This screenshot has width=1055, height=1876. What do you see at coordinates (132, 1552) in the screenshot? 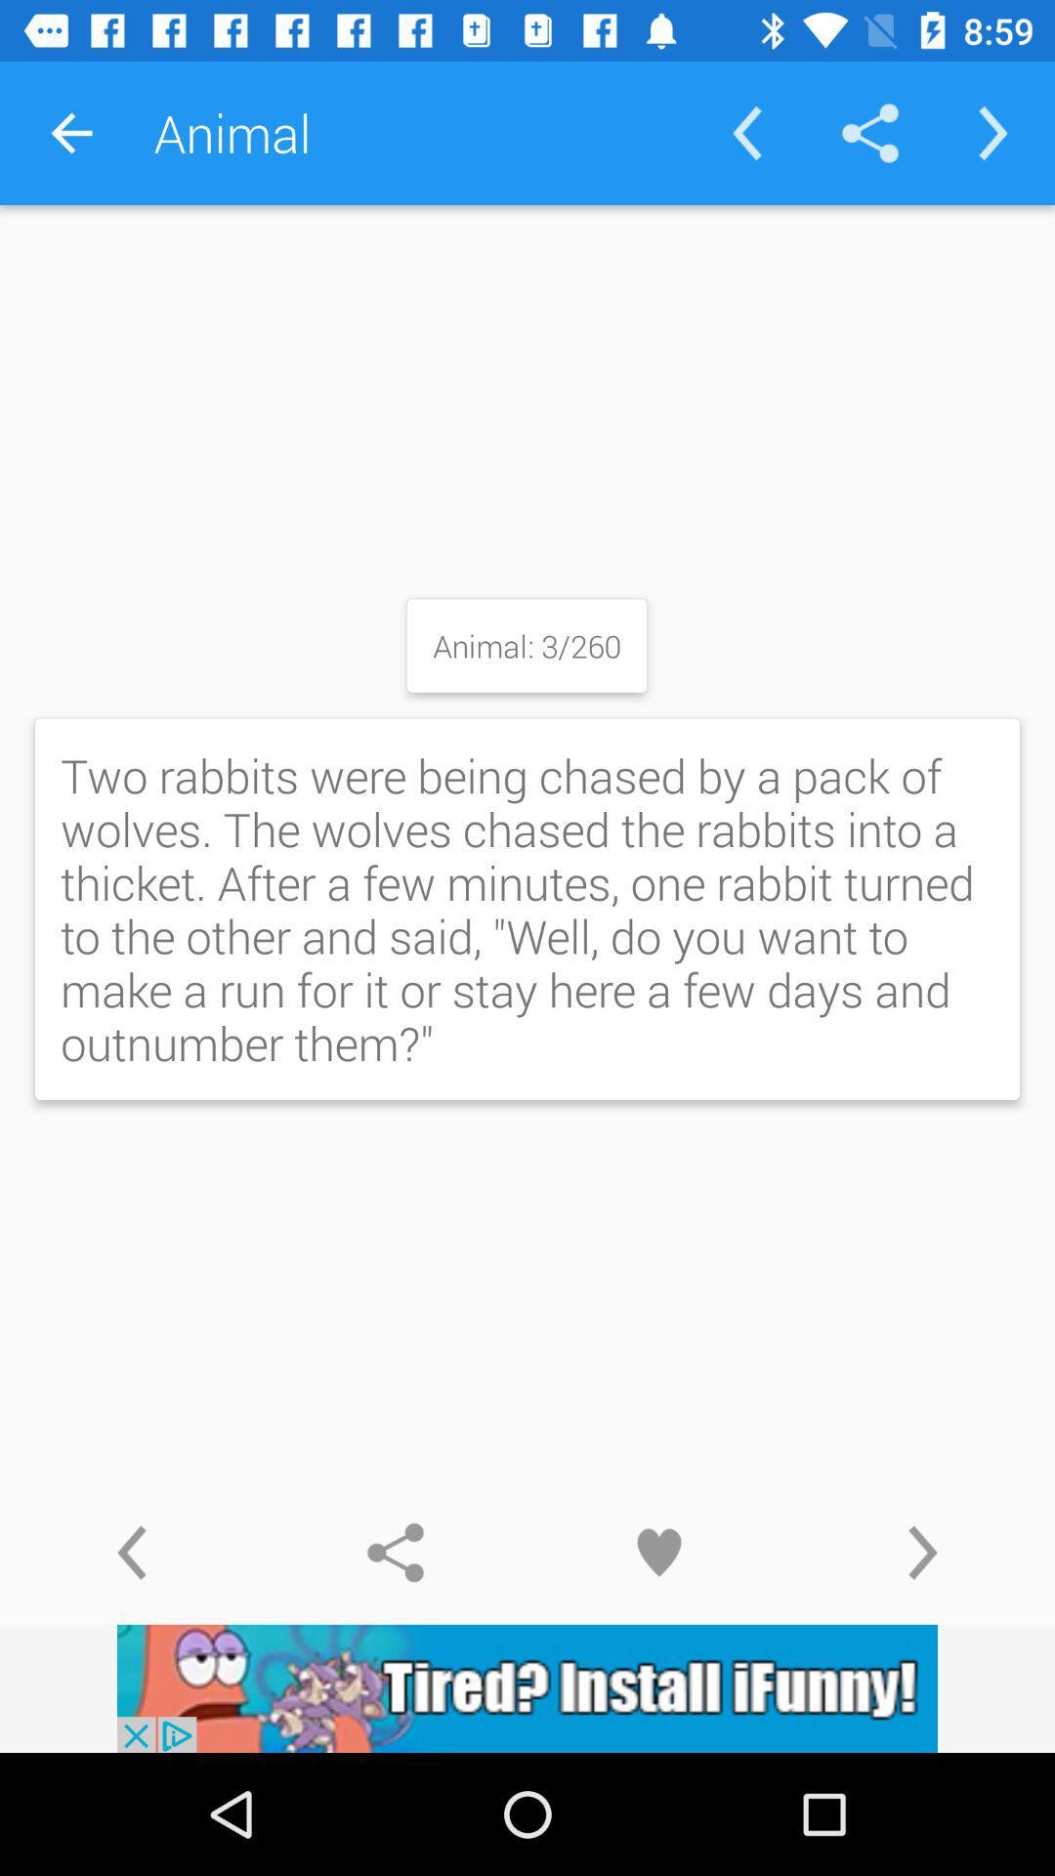
I see `go back` at bounding box center [132, 1552].